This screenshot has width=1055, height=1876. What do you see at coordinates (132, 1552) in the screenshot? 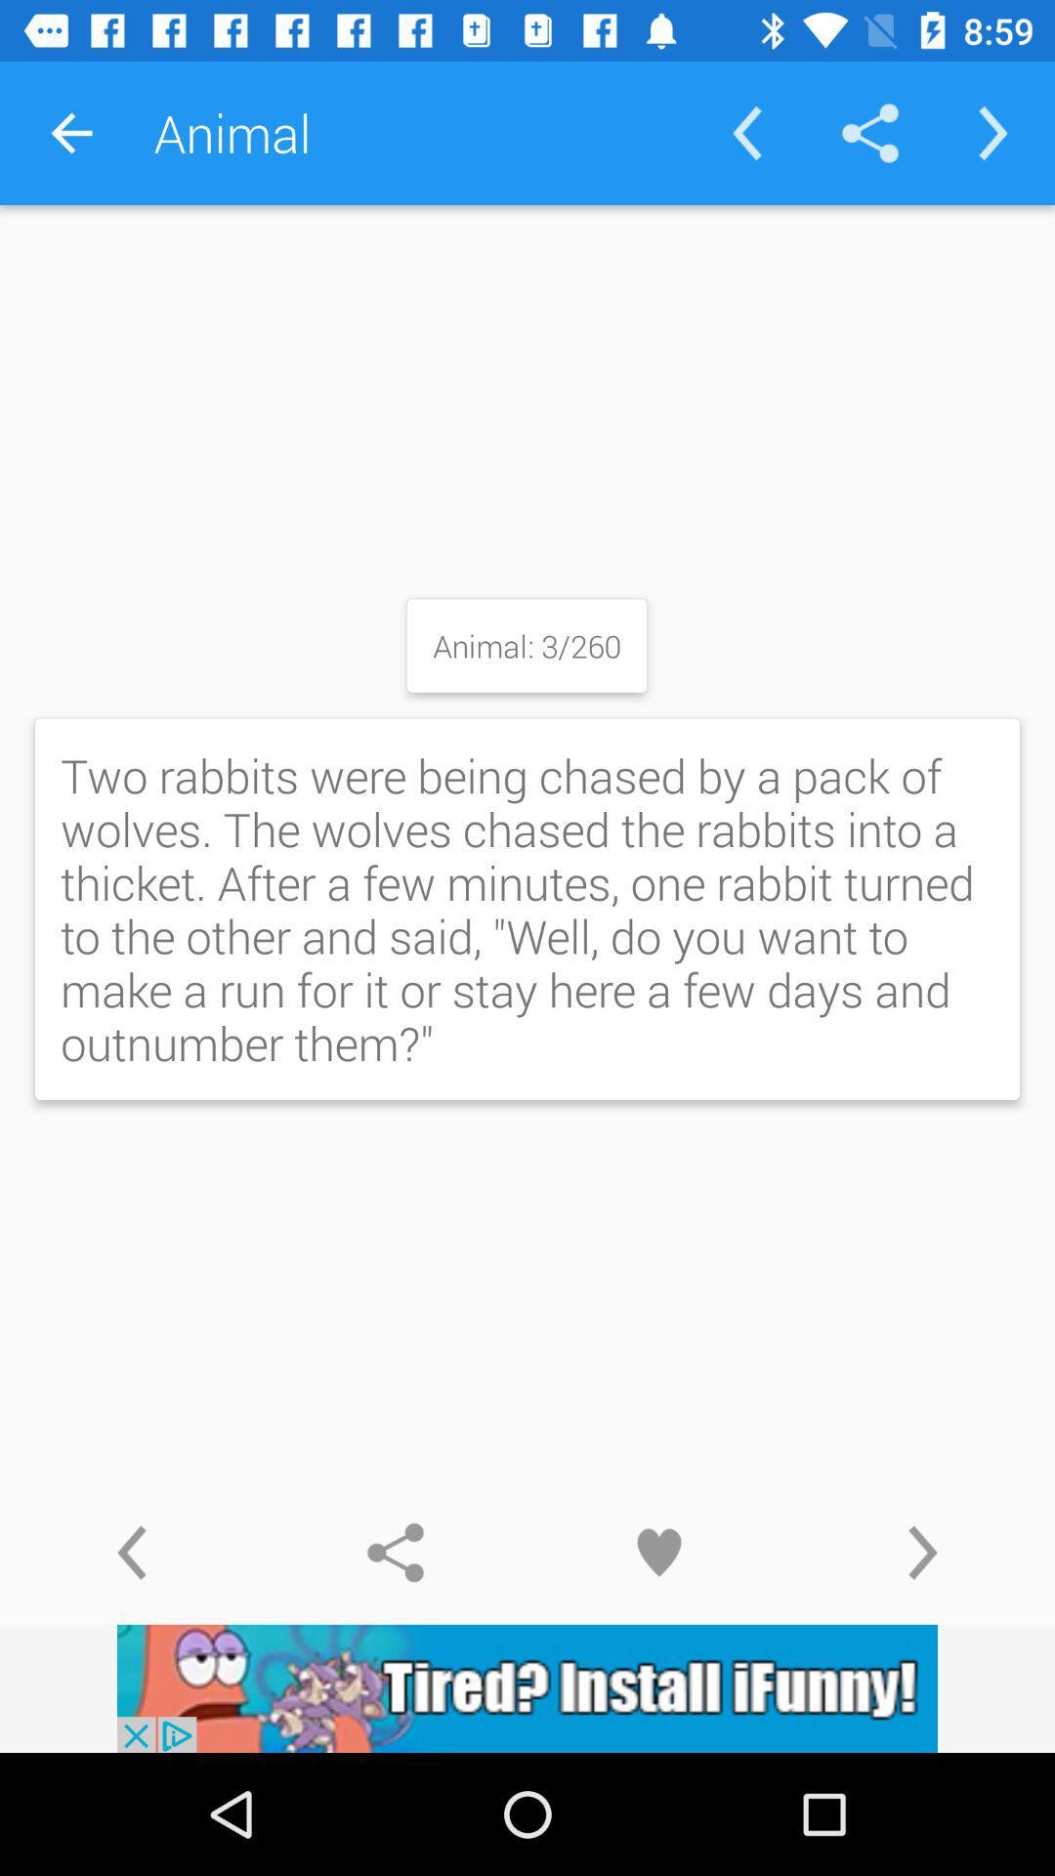
I see `go back` at bounding box center [132, 1552].